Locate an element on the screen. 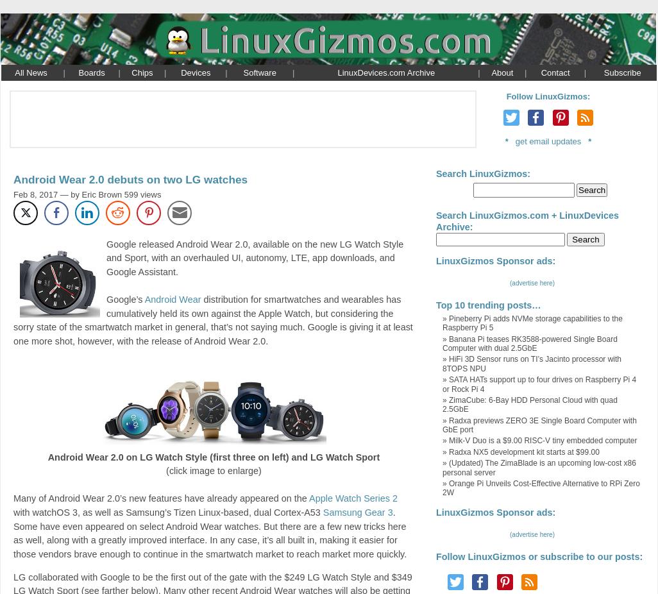 Image resolution: width=658 pixels, height=594 pixels. 'Follow LinuxGizmos:' is located at coordinates (548, 96).